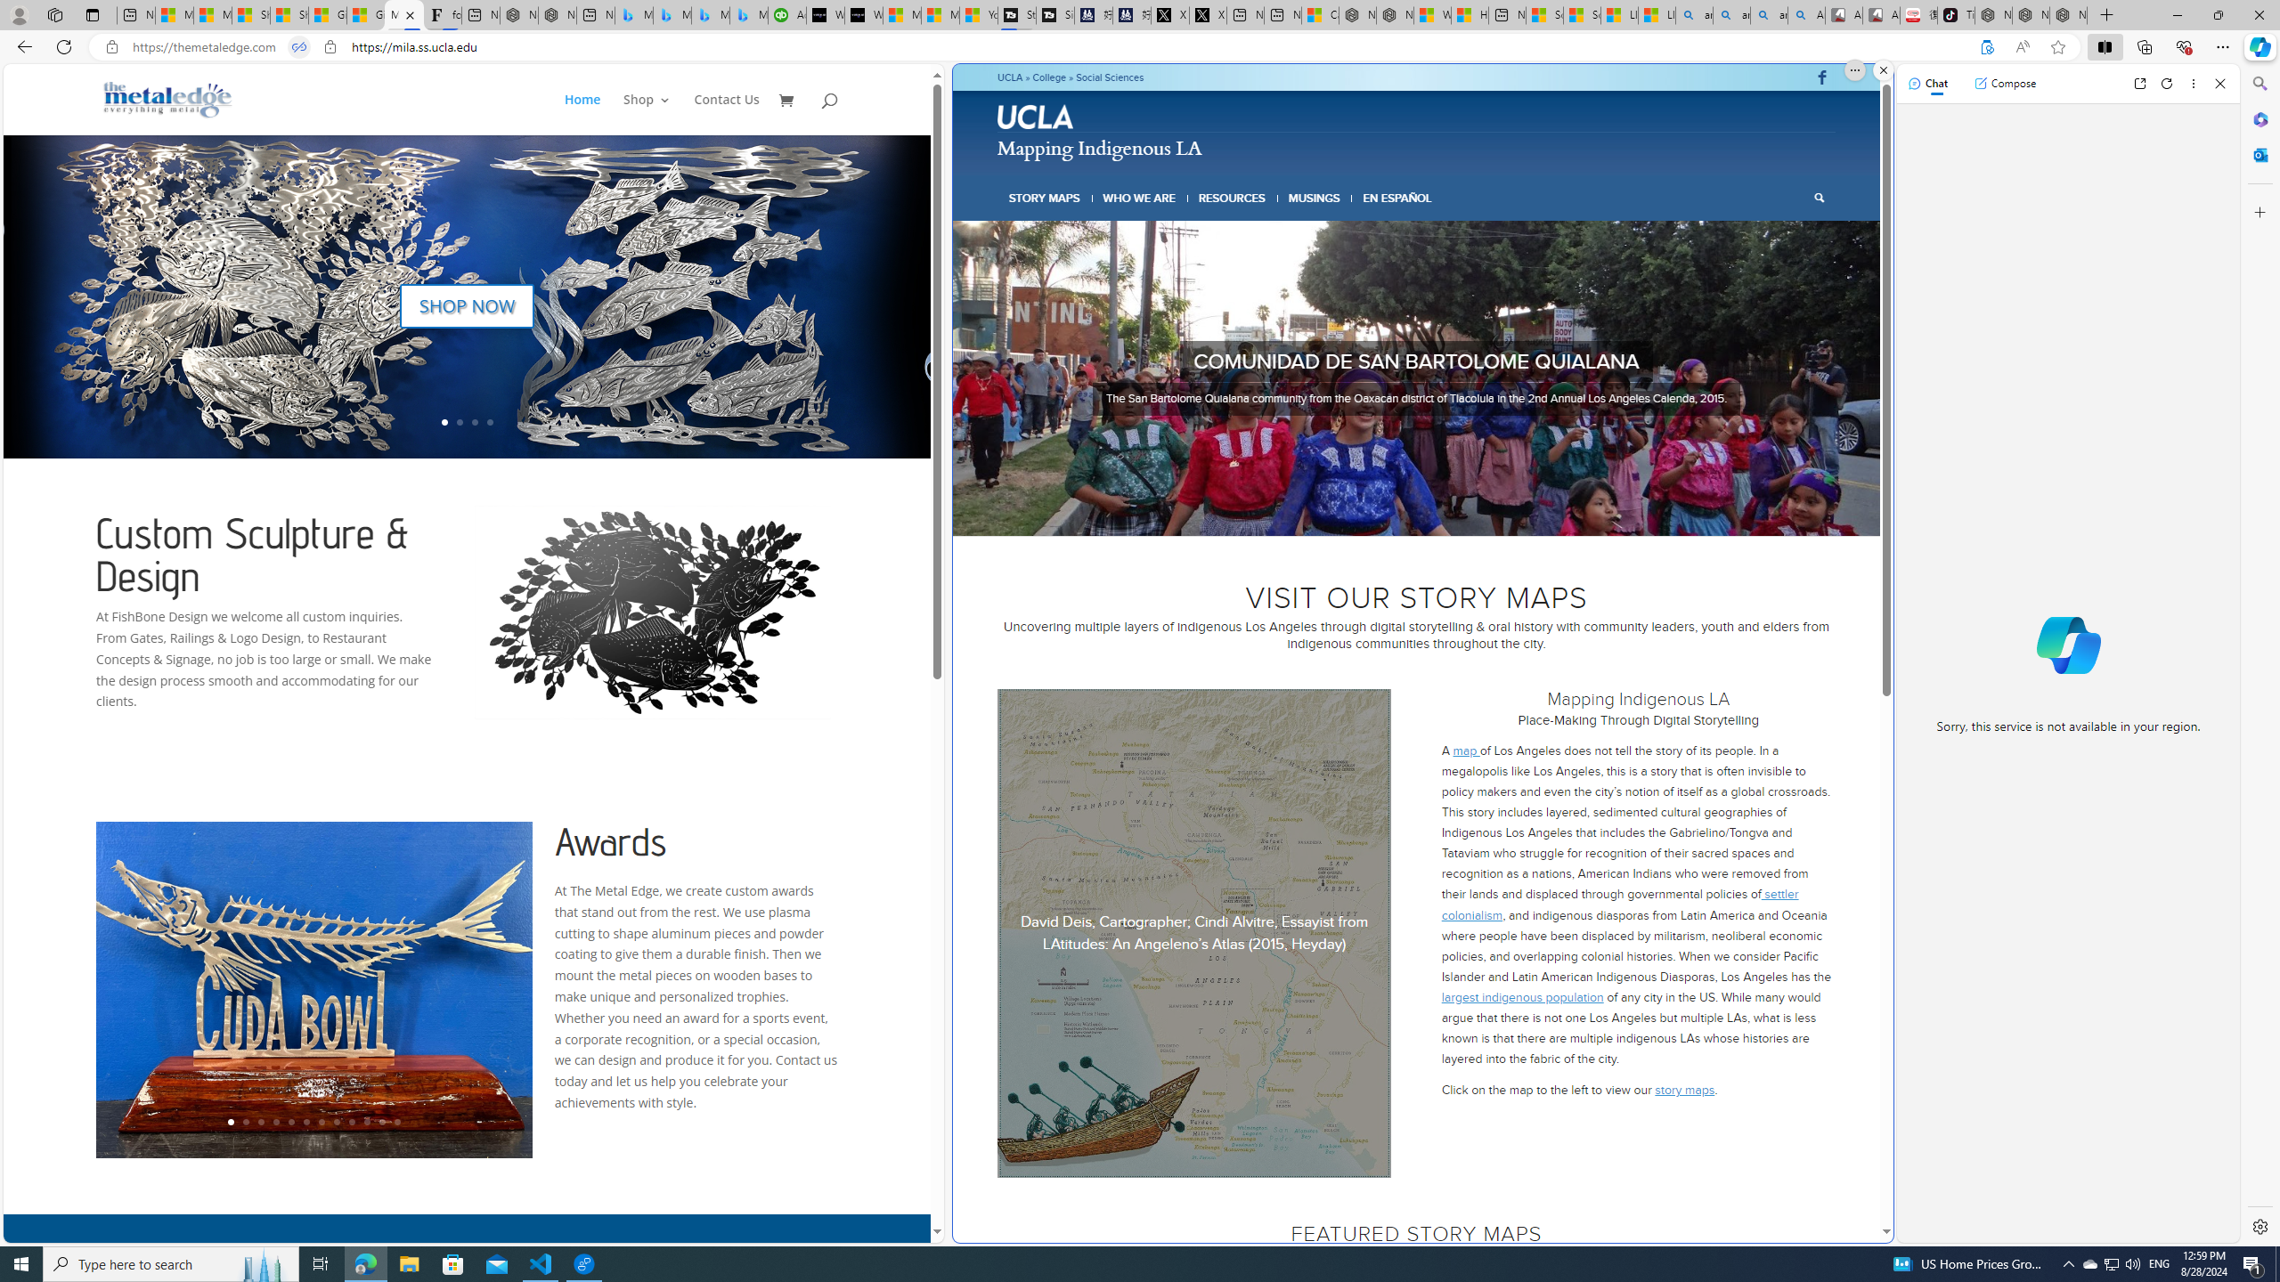 This screenshot has height=1282, width=2280. I want to click on 'Microsoft Bing Travel - Stays in Bangkok, Bangkok, Thailand', so click(672, 14).